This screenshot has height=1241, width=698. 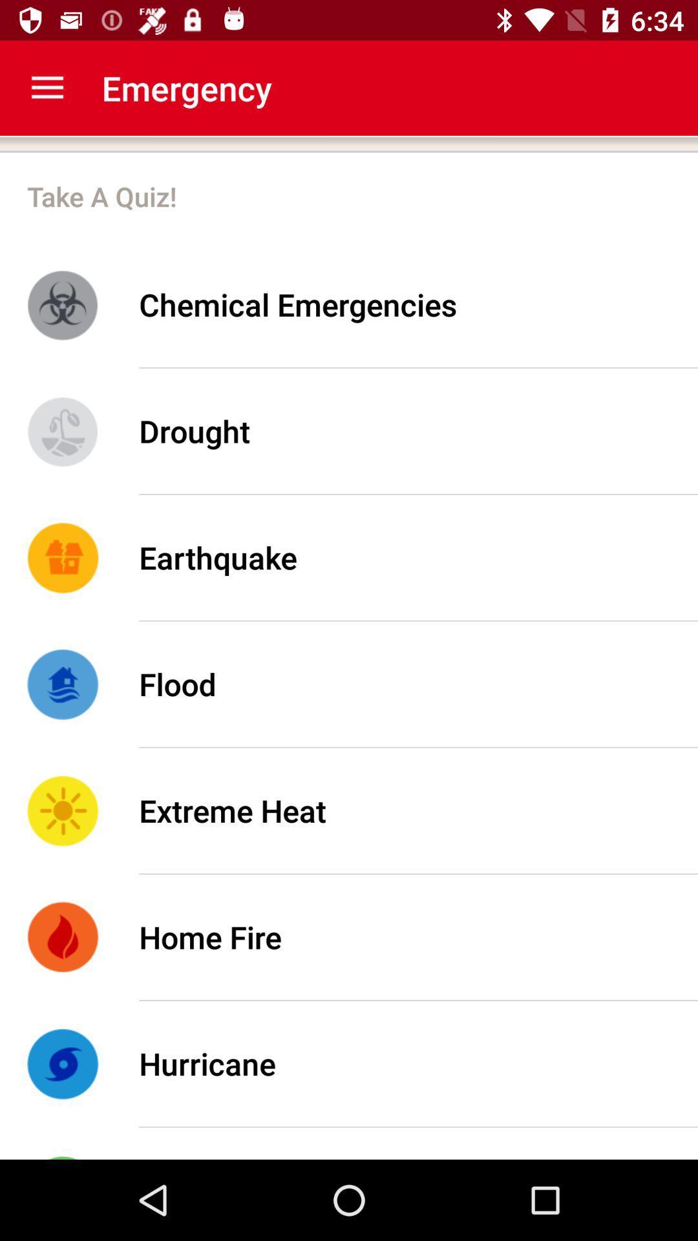 I want to click on the item to the left of emergency icon, so click(x=47, y=87).